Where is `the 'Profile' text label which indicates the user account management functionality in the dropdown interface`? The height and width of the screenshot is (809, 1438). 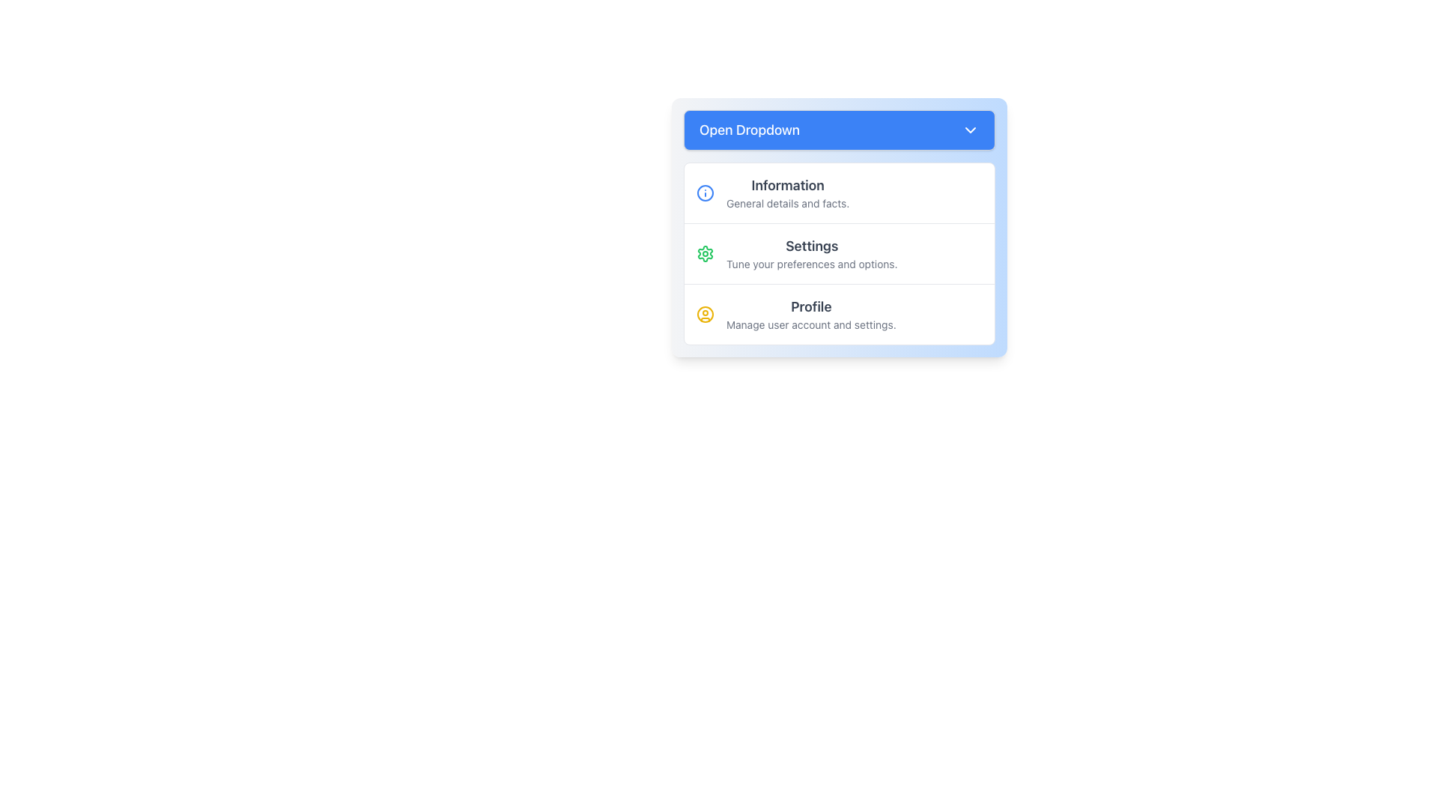 the 'Profile' text label which indicates the user account management functionality in the dropdown interface is located at coordinates (810, 306).